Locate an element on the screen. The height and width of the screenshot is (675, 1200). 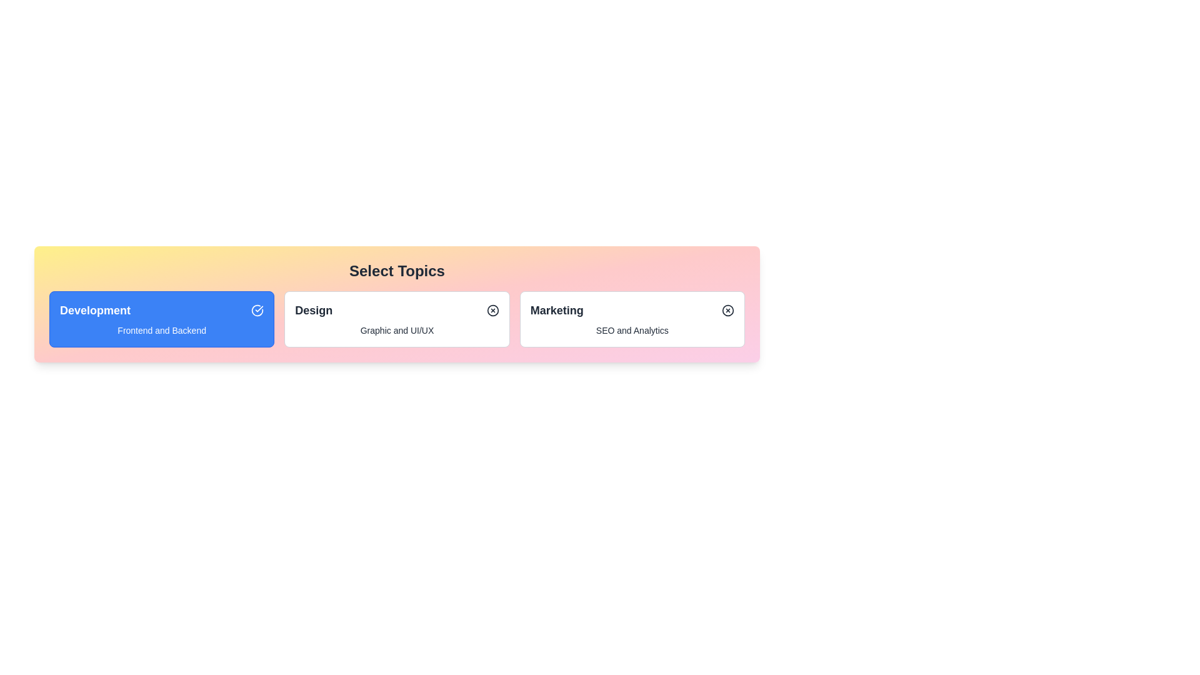
the chip labeled Design to observe its hover effects is located at coordinates (396, 318).